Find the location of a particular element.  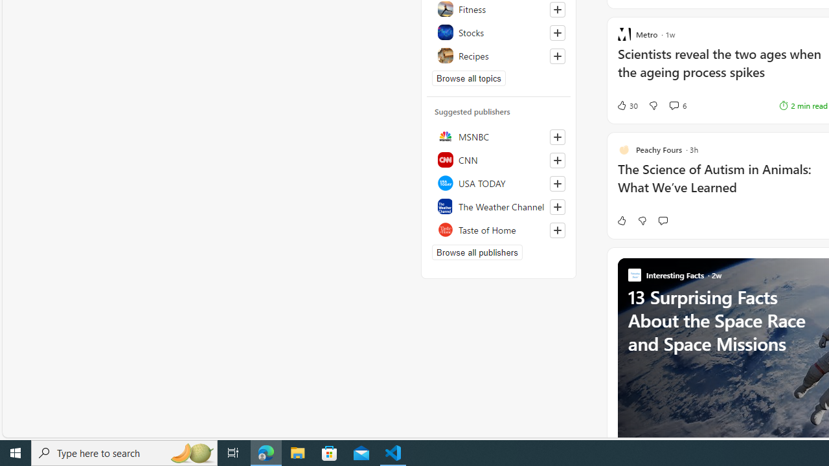

'View comments 6 Comment' is located at coordinates (676, 105).